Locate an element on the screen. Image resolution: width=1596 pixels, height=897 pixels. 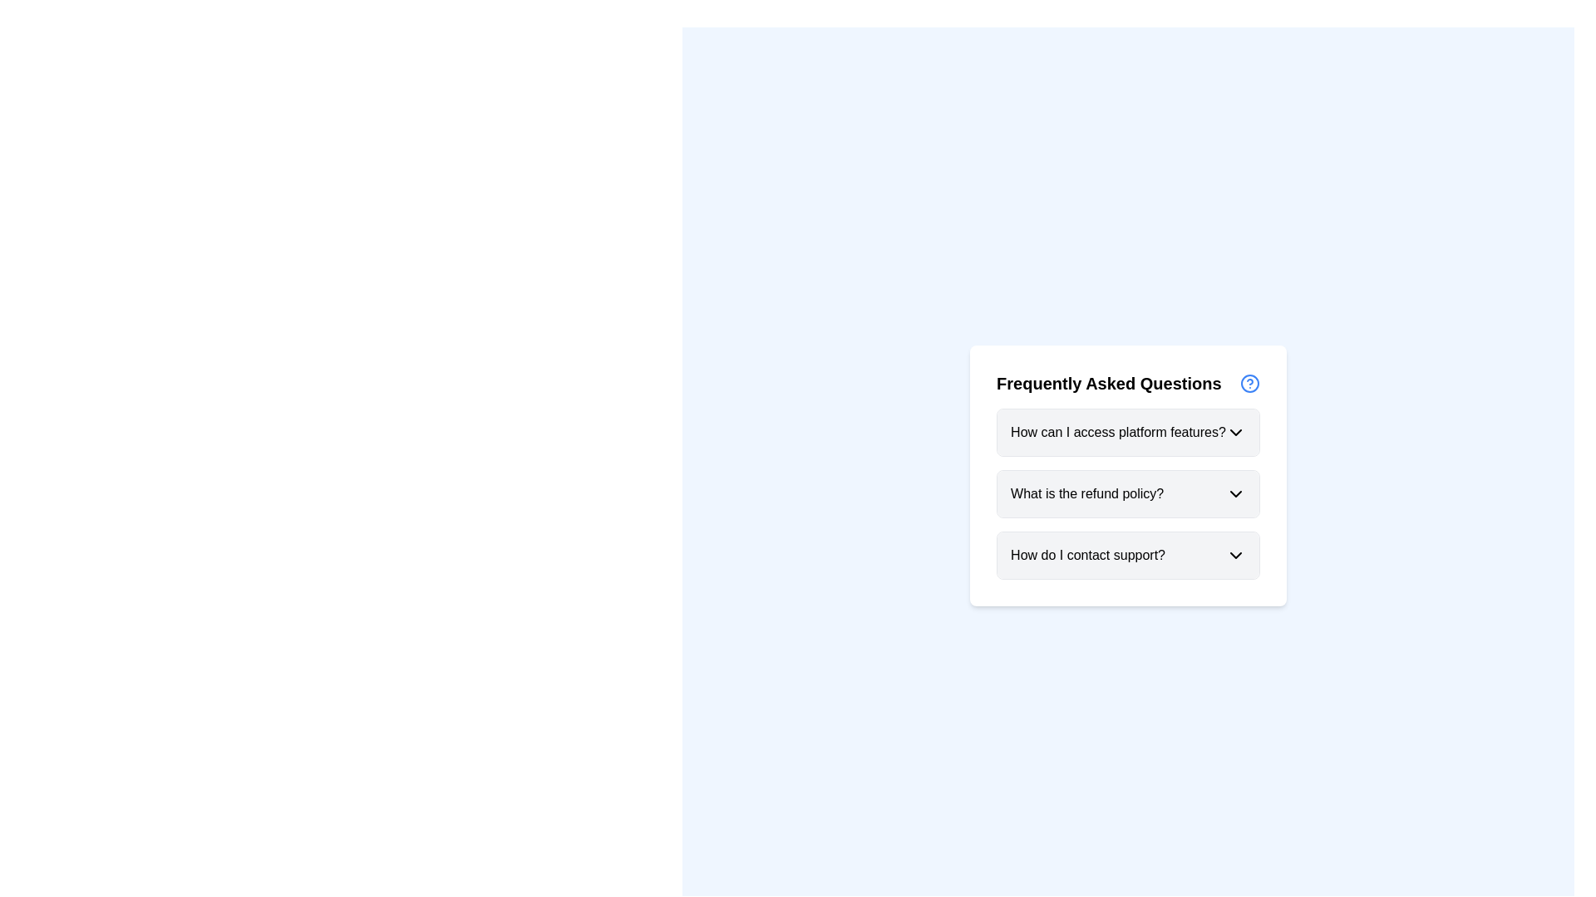
the icon located on the right side of the 'What is the refund policy?' section is located at coordinates (1235, 493).